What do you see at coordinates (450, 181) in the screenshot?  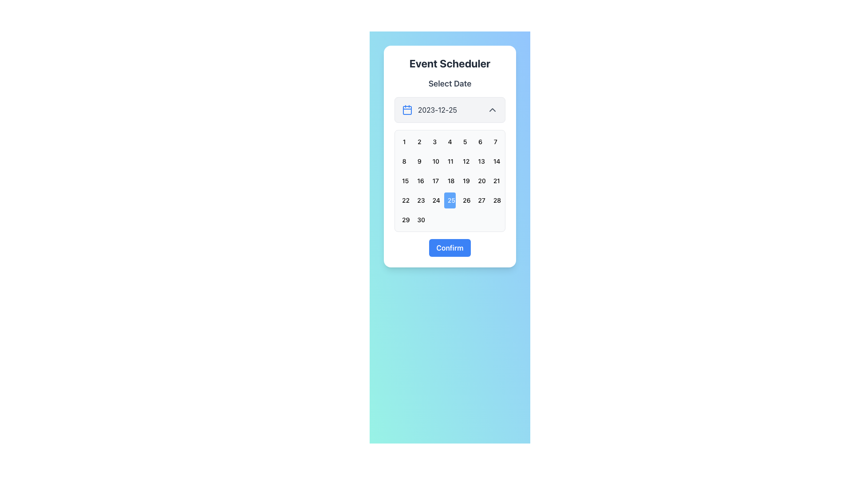 I see `the date element in the calendar grid` at bounding box center [450, 181].